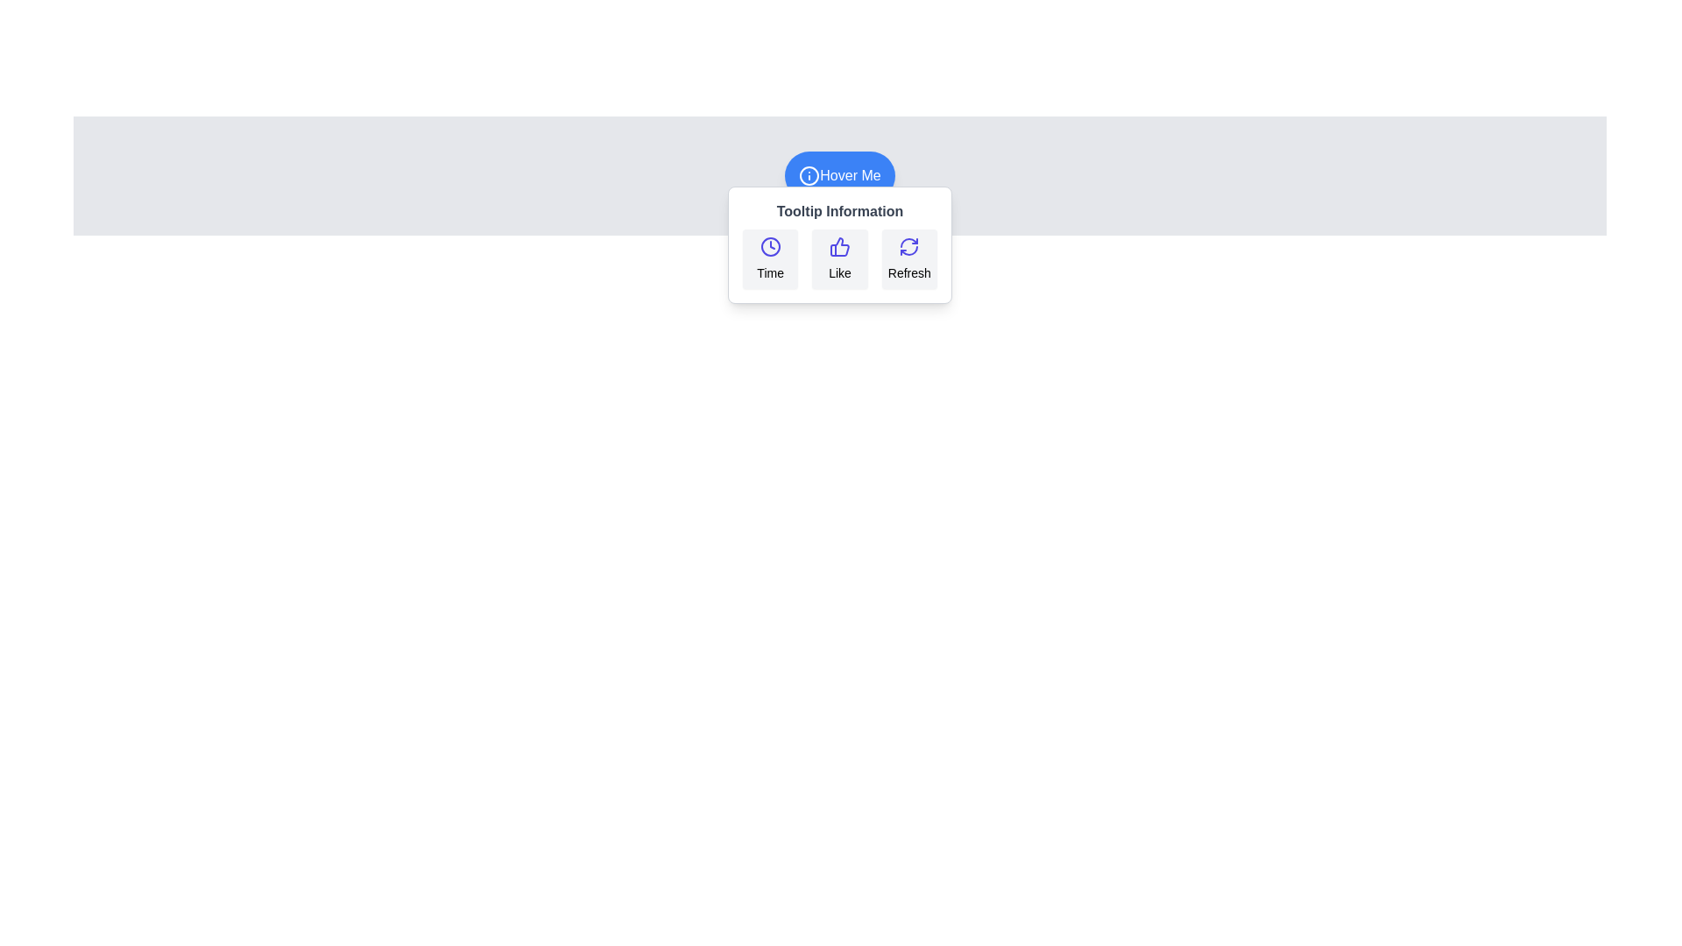 The height and width of the screenshot is (946, 1682). What do you see at coordinates (839, 211) in the screenshot?
I see `text content of the Text Label located at the top of the tooltip, centered beneath the 'Hover Me' button, which summarizes the information presented in the tooltip` at bounding box center [839, 211].